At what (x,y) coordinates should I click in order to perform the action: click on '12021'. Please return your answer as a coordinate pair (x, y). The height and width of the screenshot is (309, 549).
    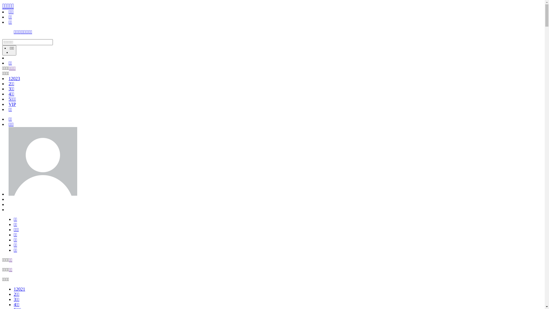
    Looking at the image, I should click on (19, 289).